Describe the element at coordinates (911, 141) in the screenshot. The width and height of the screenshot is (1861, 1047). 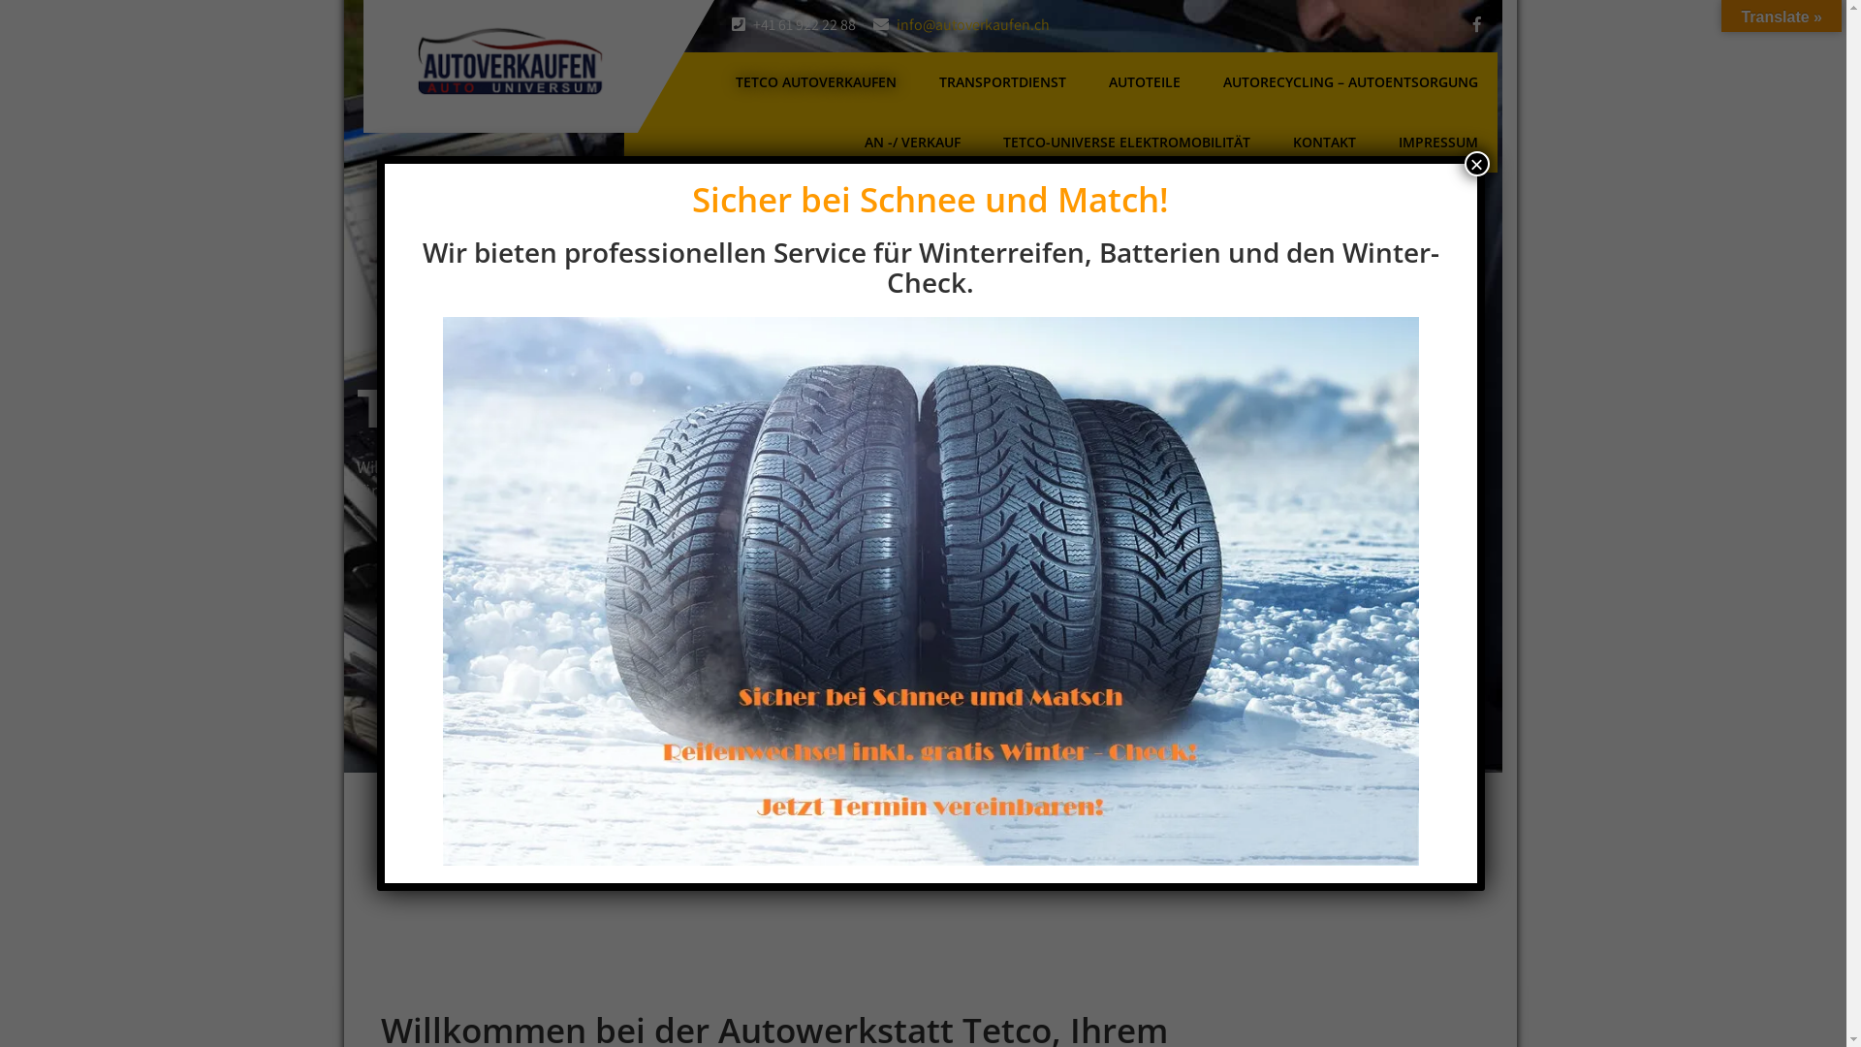
I see `'AN -/ VERKAUF'` at that location.